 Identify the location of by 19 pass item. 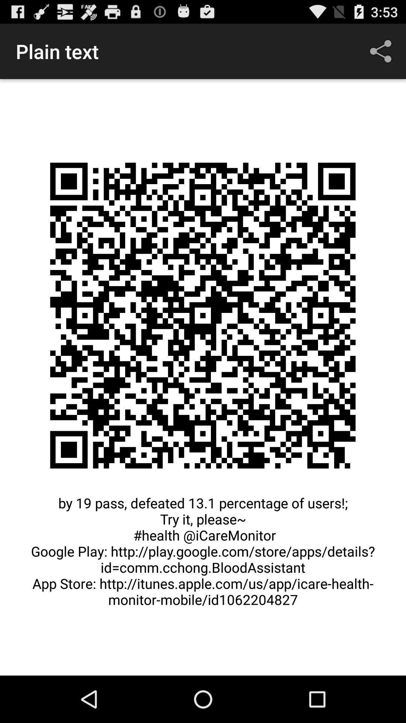
(203, 555).